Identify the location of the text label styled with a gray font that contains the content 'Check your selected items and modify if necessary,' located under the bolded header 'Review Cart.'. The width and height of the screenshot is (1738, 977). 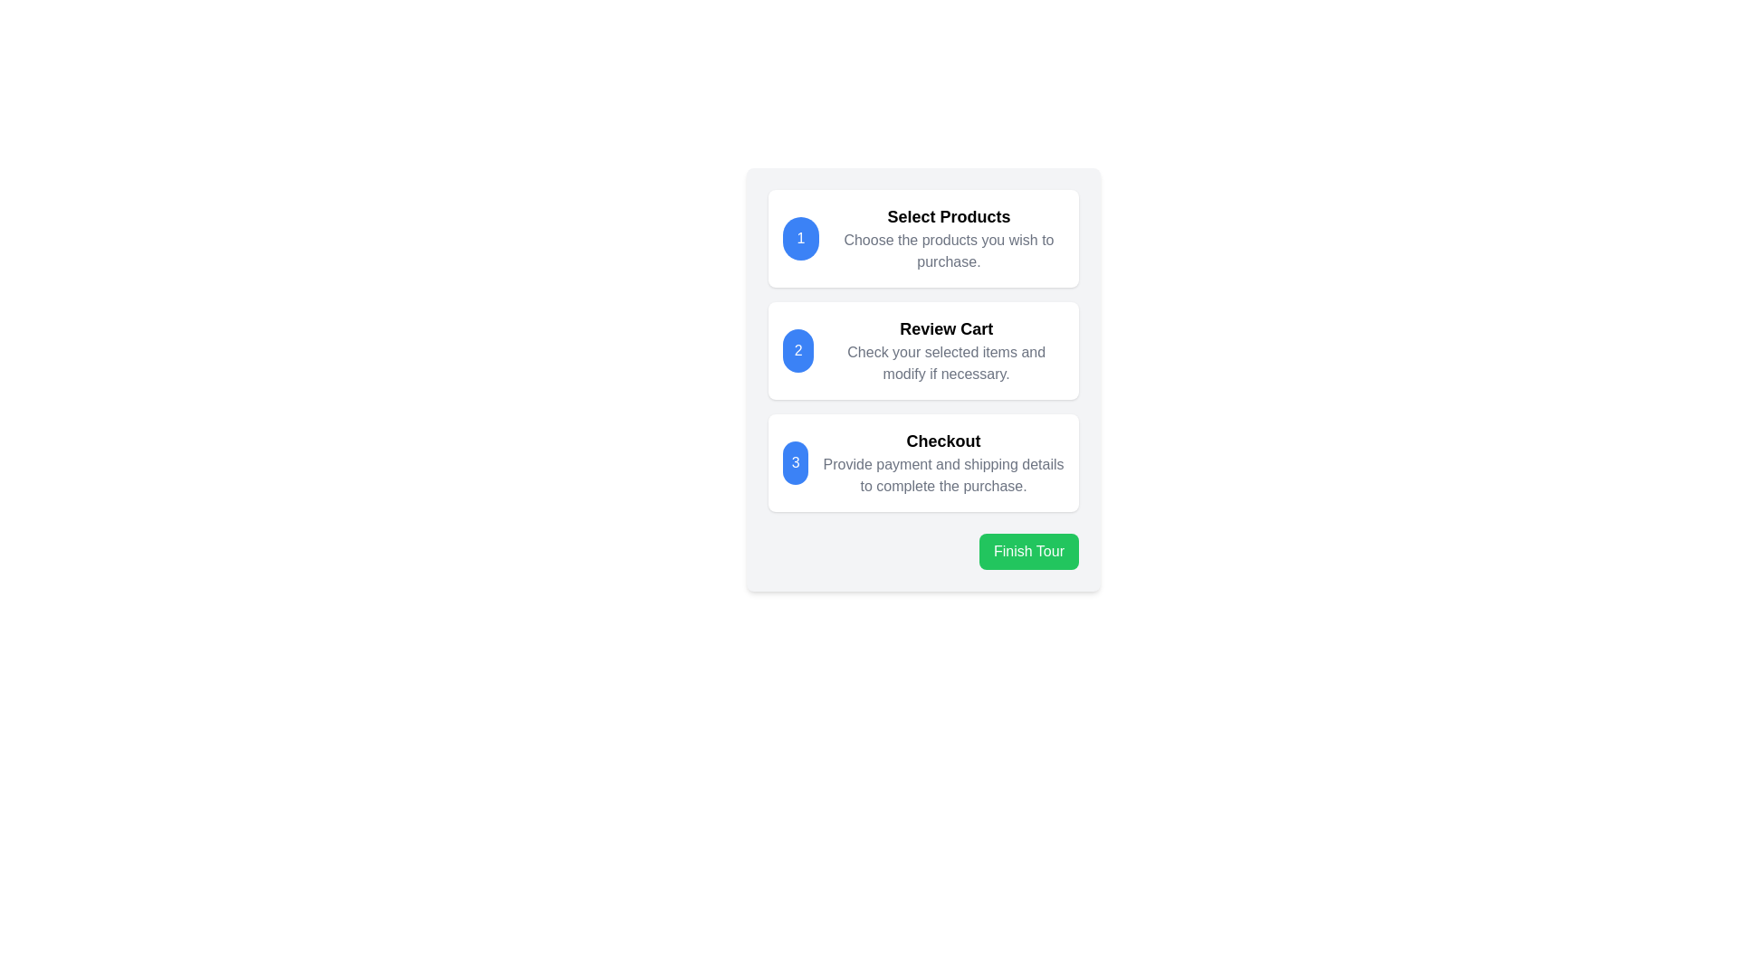
(945, 363).